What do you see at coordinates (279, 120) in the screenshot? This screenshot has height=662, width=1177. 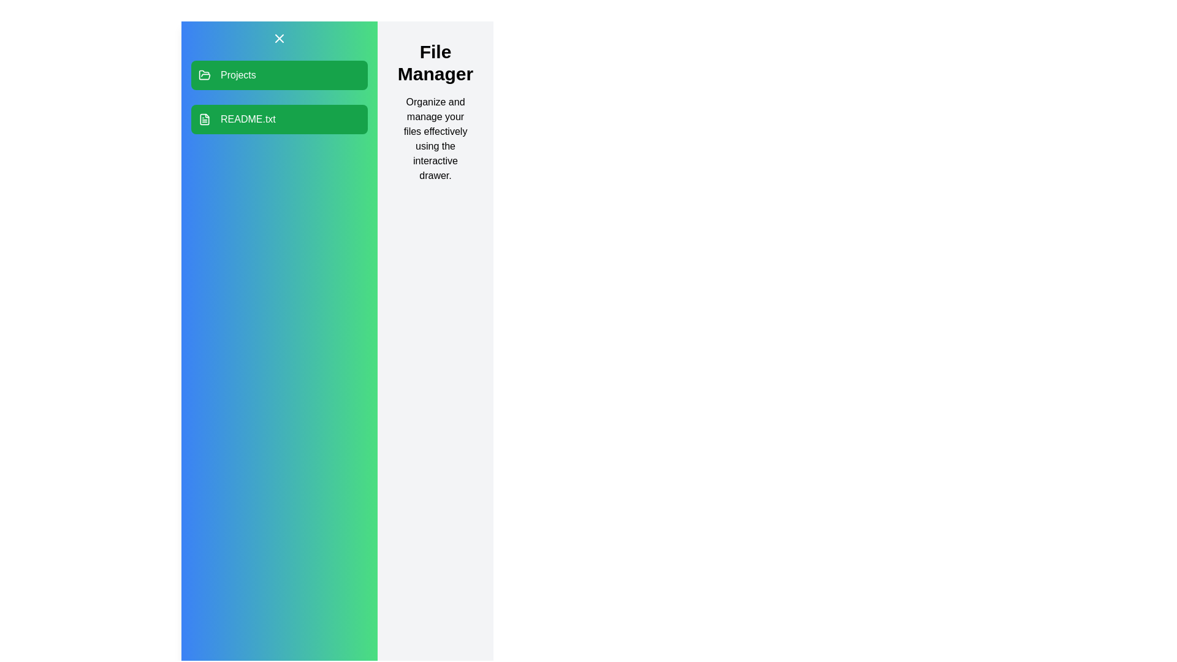 I see `the 'README.txt' file in the drawer` at bounding box center [279, 120].